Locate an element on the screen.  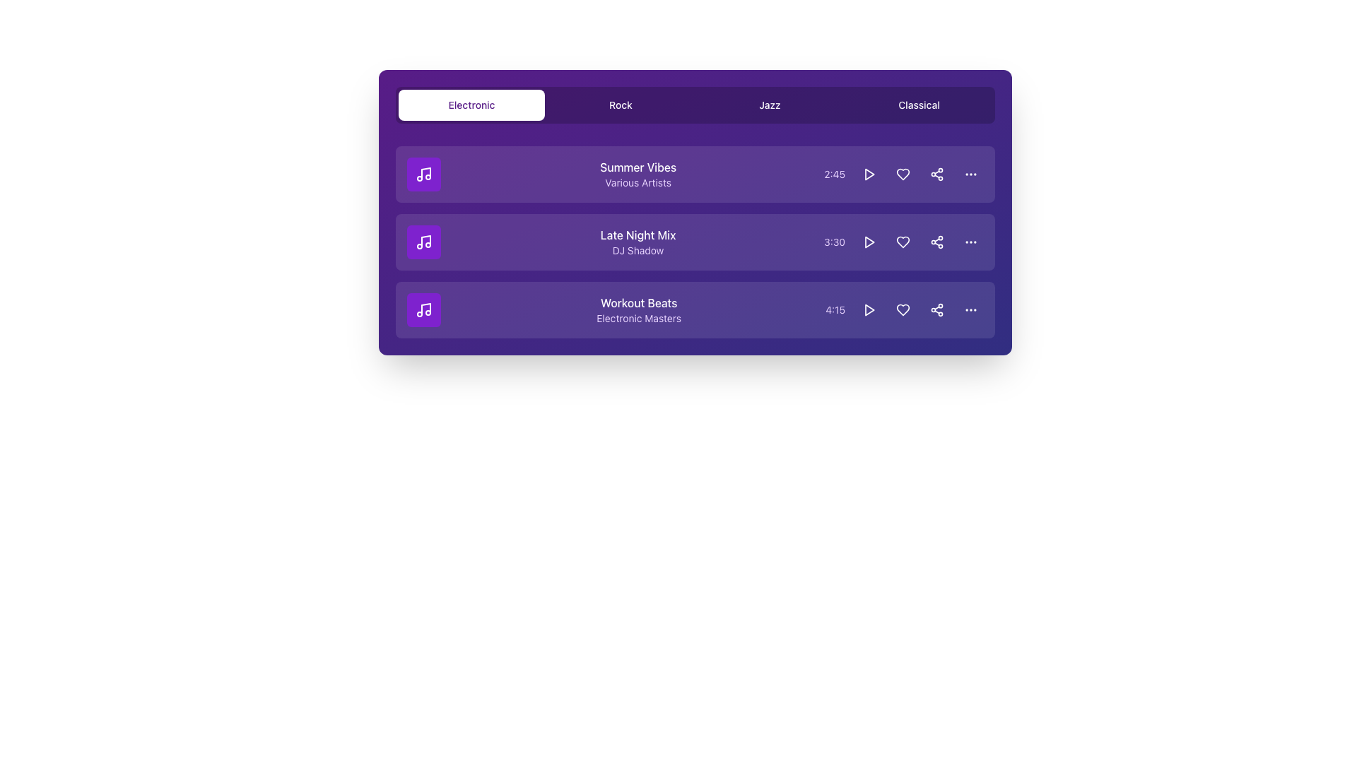
the play icon button located in the second row of the playlist interface to trigger its visual hover effect is located at coordinates (868, 242).